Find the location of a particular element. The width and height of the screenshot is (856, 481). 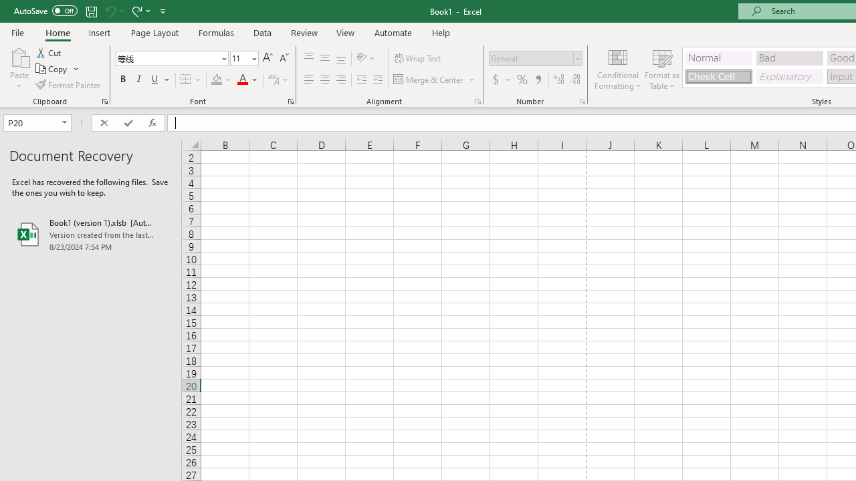

'Format Cell Alignment' is located at coordinates (477, 100).